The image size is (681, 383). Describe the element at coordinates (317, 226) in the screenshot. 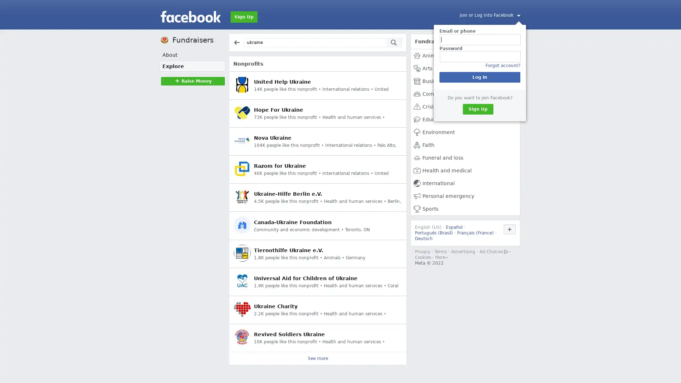

I see `Canada-Ukraine Foundation Community and economic development  Toronto, ON` at that location.